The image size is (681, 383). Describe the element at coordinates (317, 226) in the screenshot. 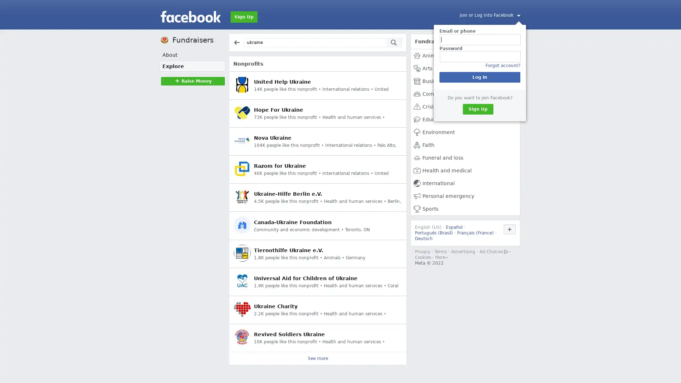

I see `Canada-Ukraine Foundation Community and economic development  Toronto, ON` at that location.